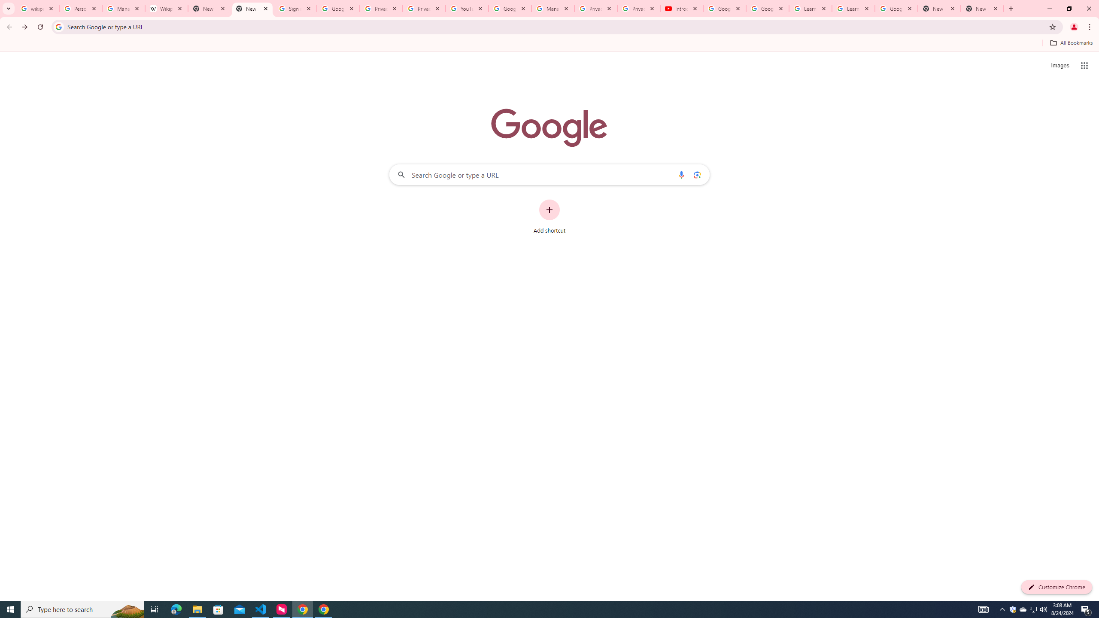 The height and width of the screenshot is (618, 1099). Describe the element at coordinates (1056, 587) in the screenshot. I see `'Customize Chrome'` at that location.